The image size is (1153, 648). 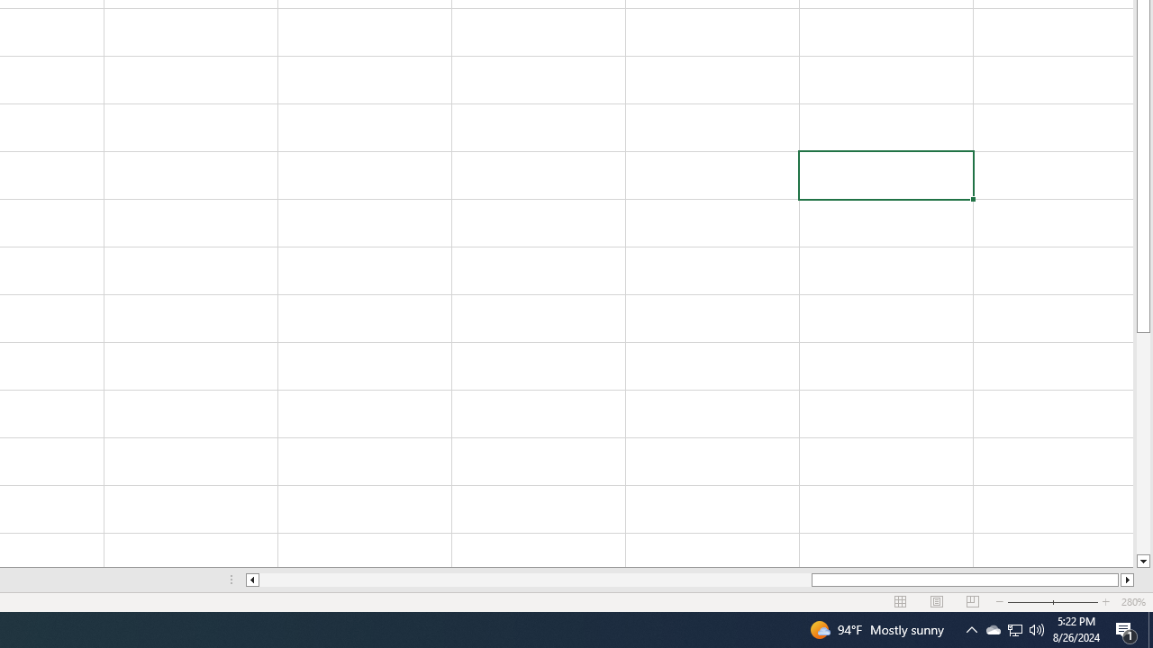 What do you see at coordinates (1052, 602) in the screenshot?
I see `'Zoom'` at bounding box center [1052, 602].